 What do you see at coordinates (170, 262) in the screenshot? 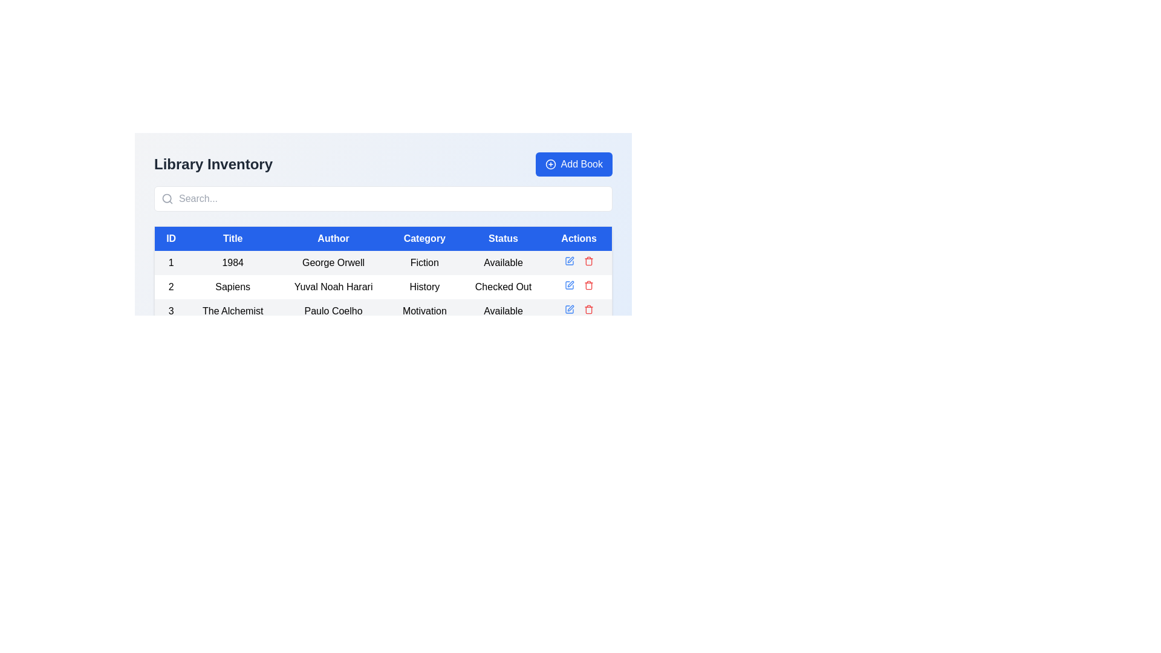
I see `the static text label displaying the number '1' in the first column of the table row for the book '1984' by George Orwell` at bounding box center [170, 262].